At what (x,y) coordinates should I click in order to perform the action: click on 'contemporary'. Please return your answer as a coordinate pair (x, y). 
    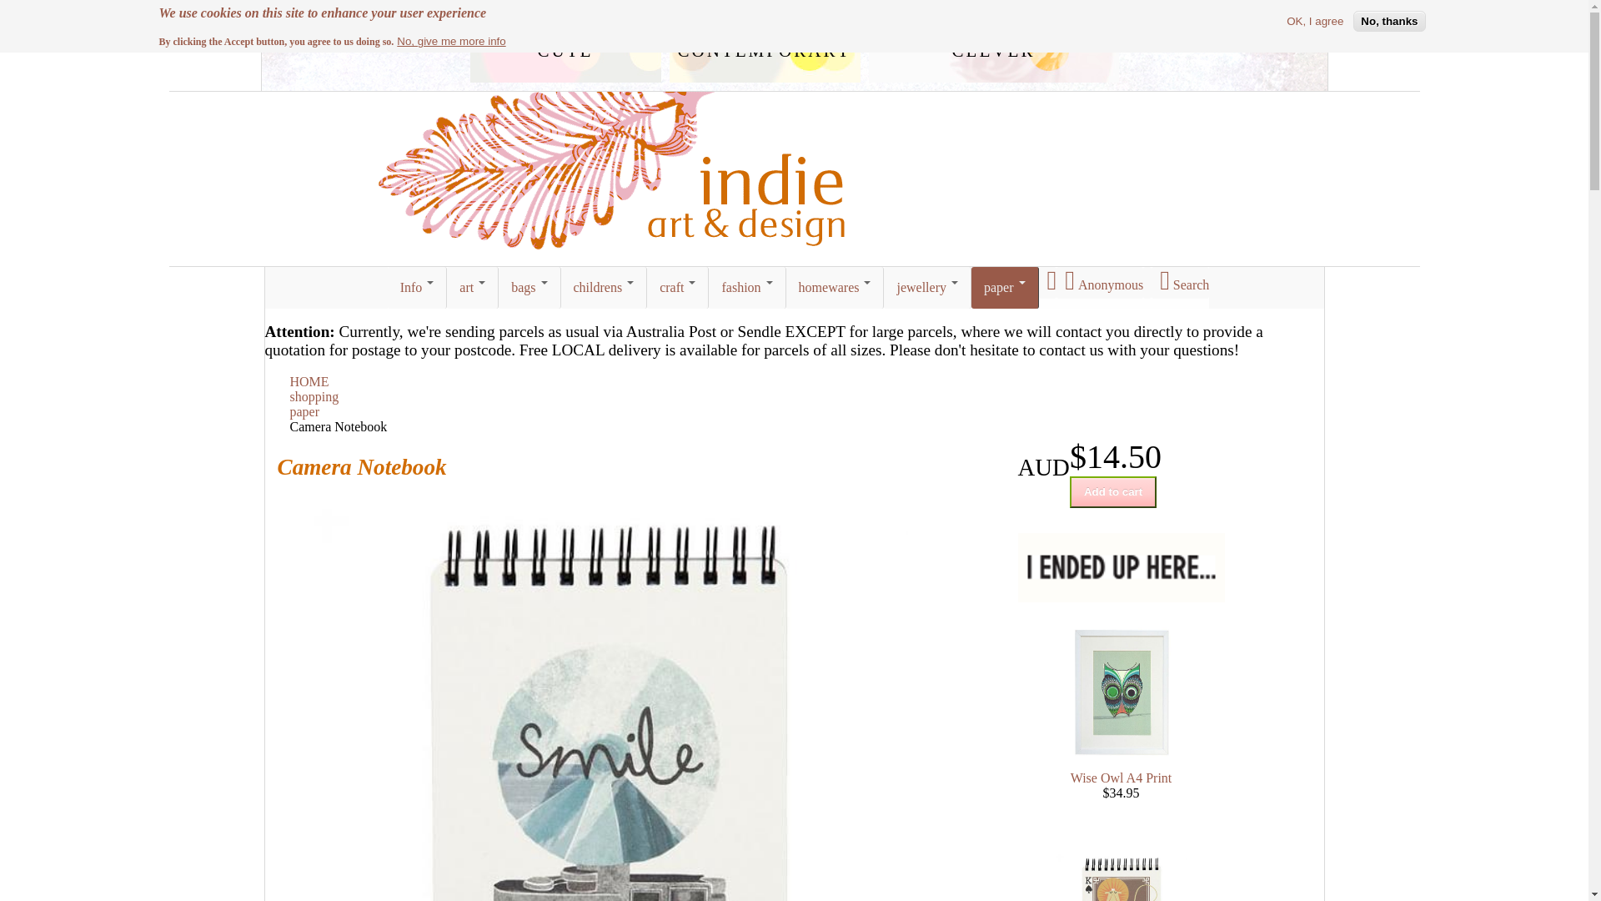
    Looking at the image, I should click on (763, 48).